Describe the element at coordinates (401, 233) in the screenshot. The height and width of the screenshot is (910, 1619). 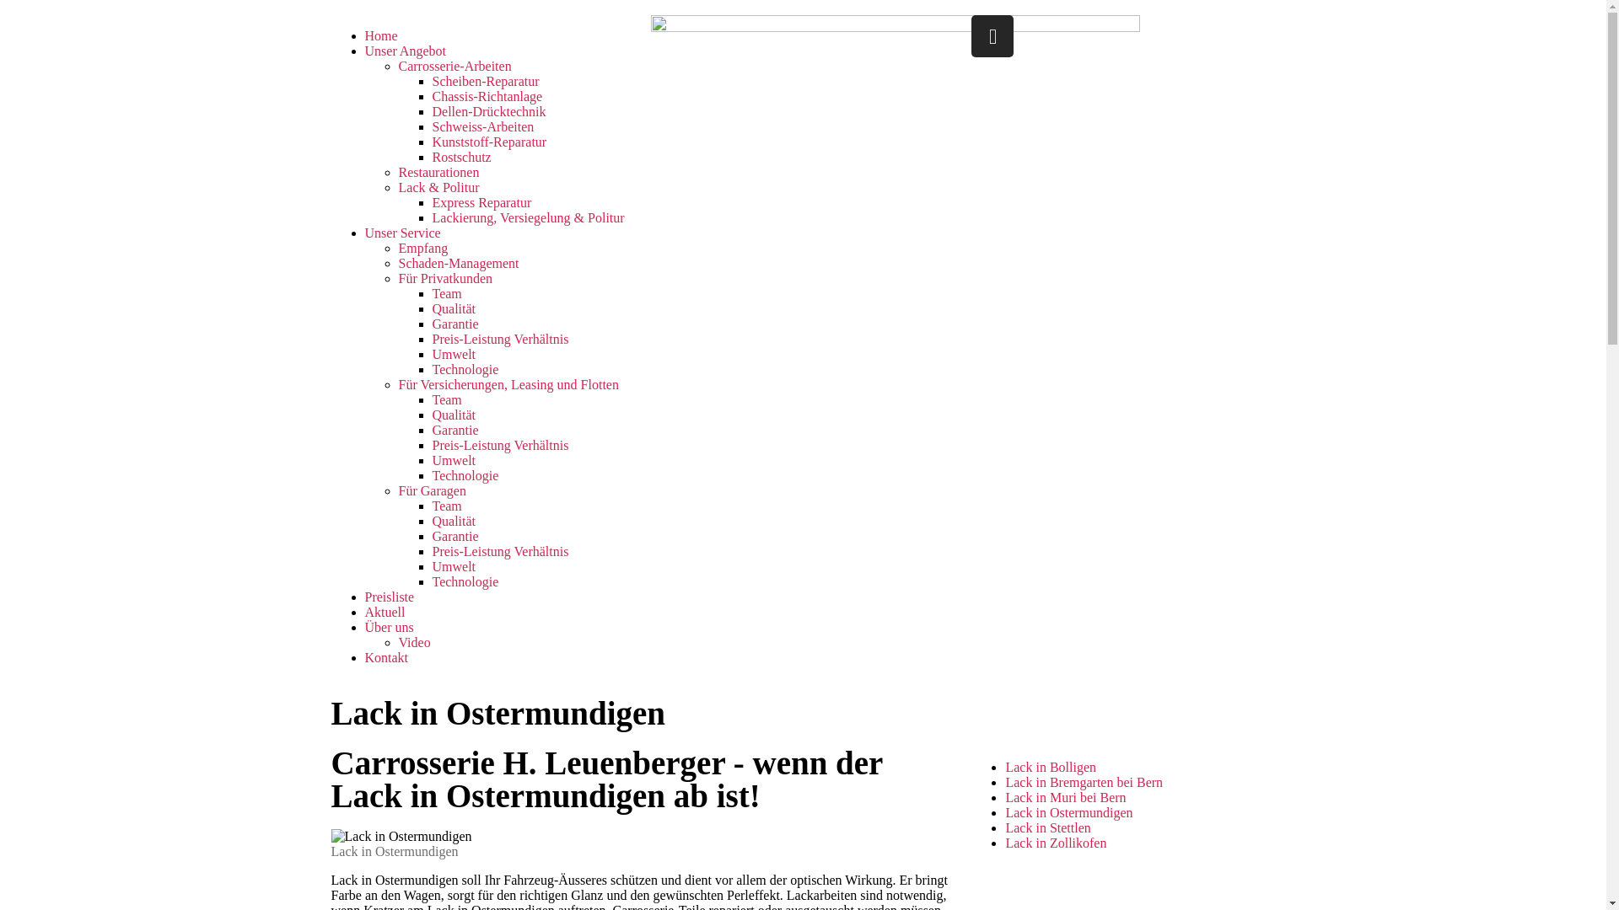
I see `'Unser Service'` at that location.